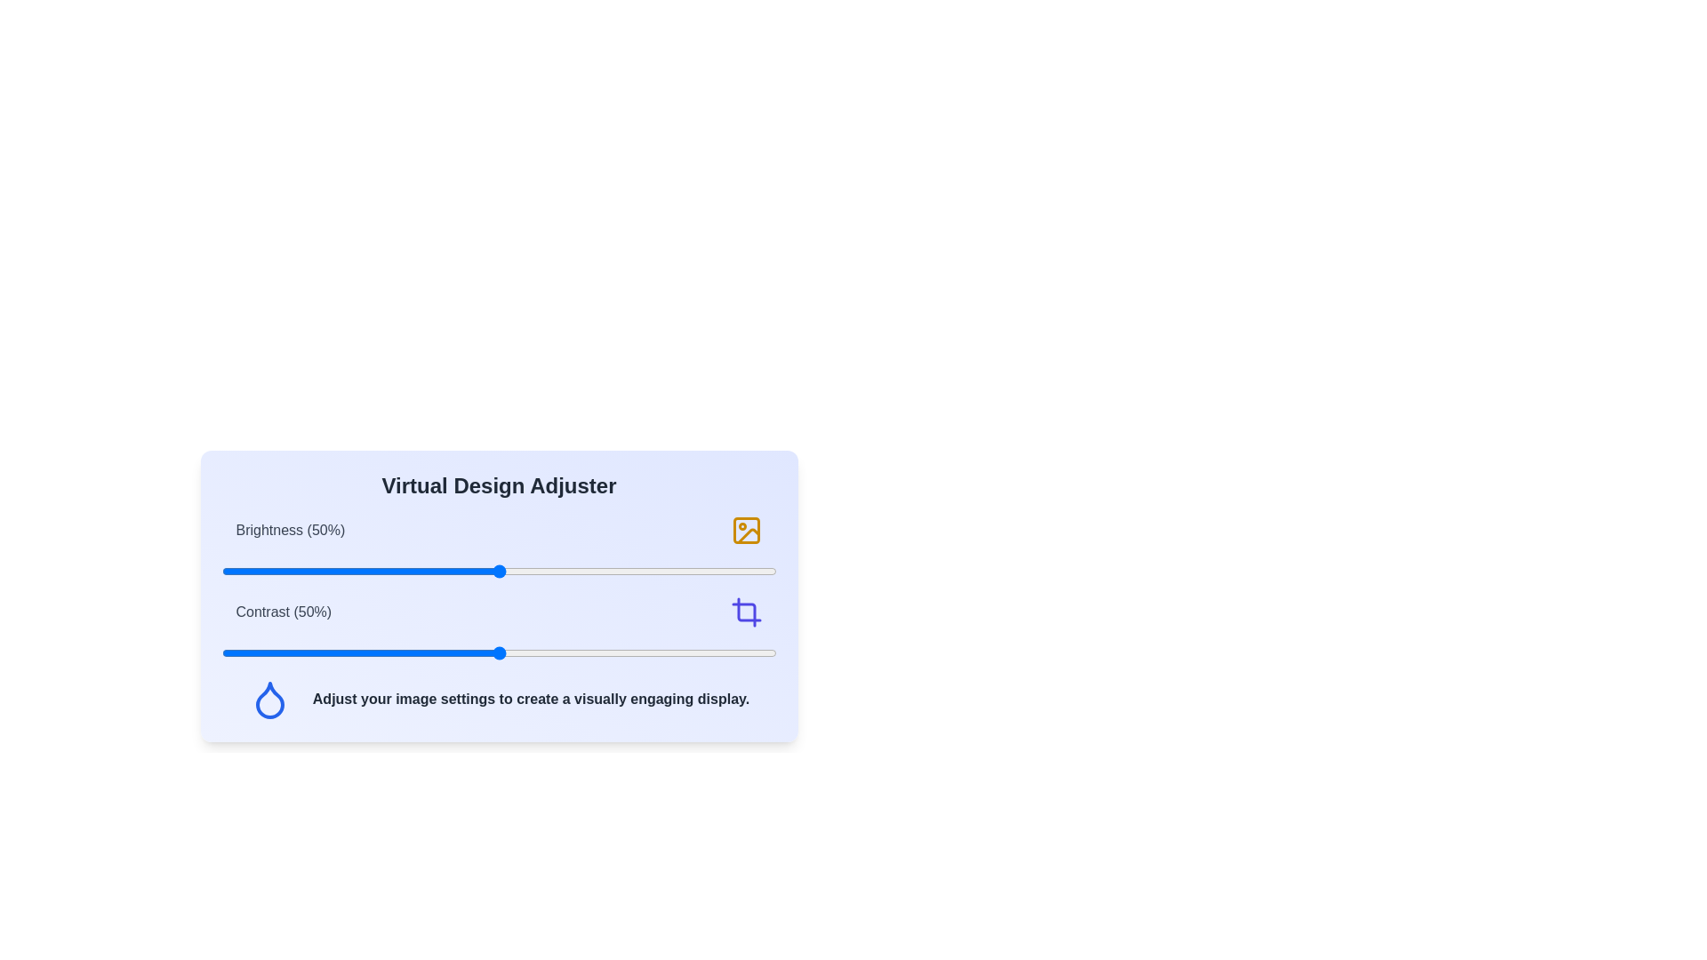  Describe the element at coordinates (531, 653) in the screenshot. I see `the contrast slider to set the contrast level to 56` at that location.